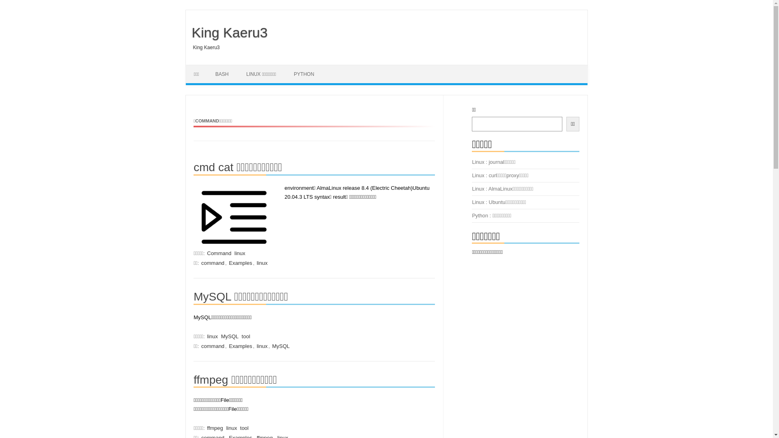  I want to click on 'command', so click(213, 263).